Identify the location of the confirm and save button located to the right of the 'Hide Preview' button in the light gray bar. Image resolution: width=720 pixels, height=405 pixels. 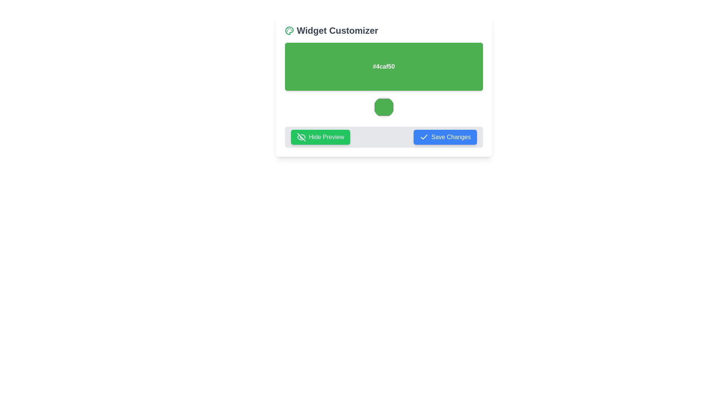
(445, 137).